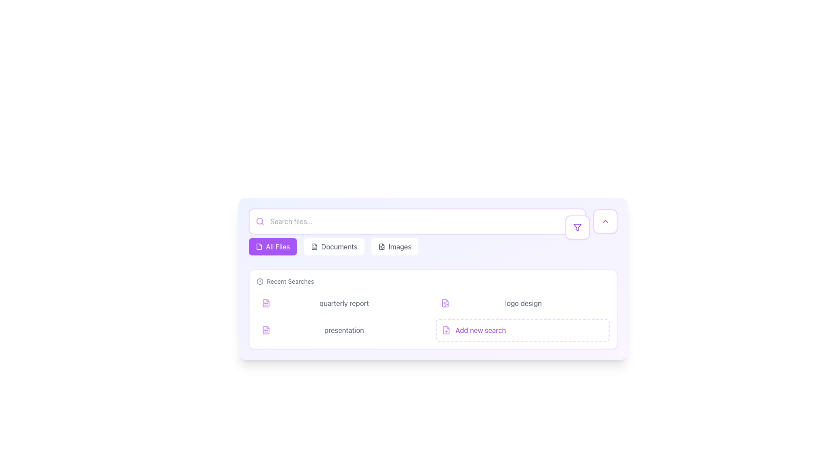 Image resolution: width=835 pixels, height=470 pixels. I want to click on the small, purple document icon located in the 'Recent Searches' area, positioned between 'quarterly report' and 'logo design', so click(445, 303).